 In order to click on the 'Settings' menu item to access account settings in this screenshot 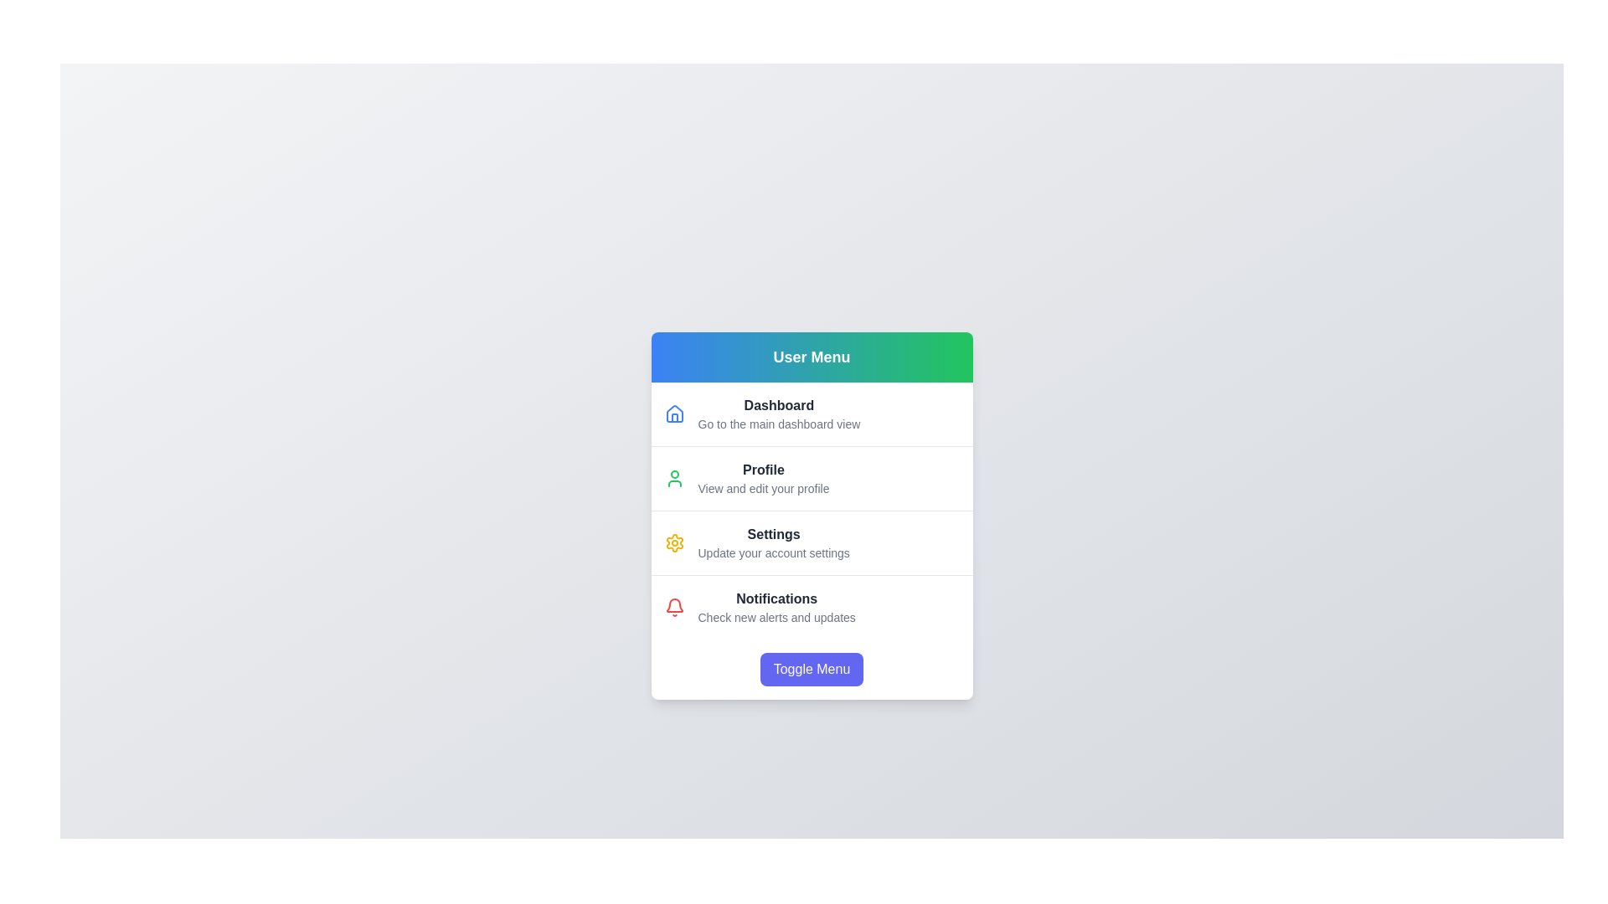, I will do `click(812, 542)`.